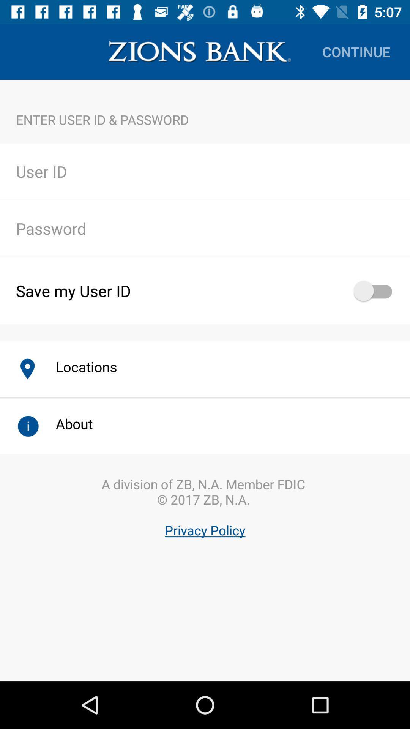 This screenshot has height=729, width=410. What do you see at coordinates (205, 527) in the screenshot?
I see `a division of` at bounding box center [205, 527].